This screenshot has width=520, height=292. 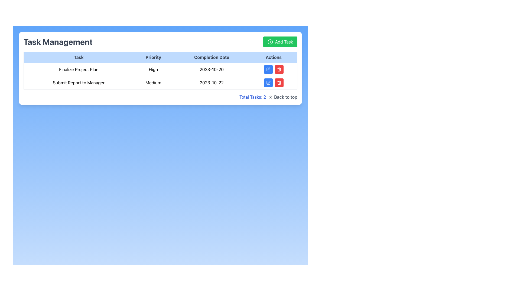 I want to click on the text label displaying 'Task' which is part of the header row in the Task Management section, indicating the first column title, so click(x=78, y=57).